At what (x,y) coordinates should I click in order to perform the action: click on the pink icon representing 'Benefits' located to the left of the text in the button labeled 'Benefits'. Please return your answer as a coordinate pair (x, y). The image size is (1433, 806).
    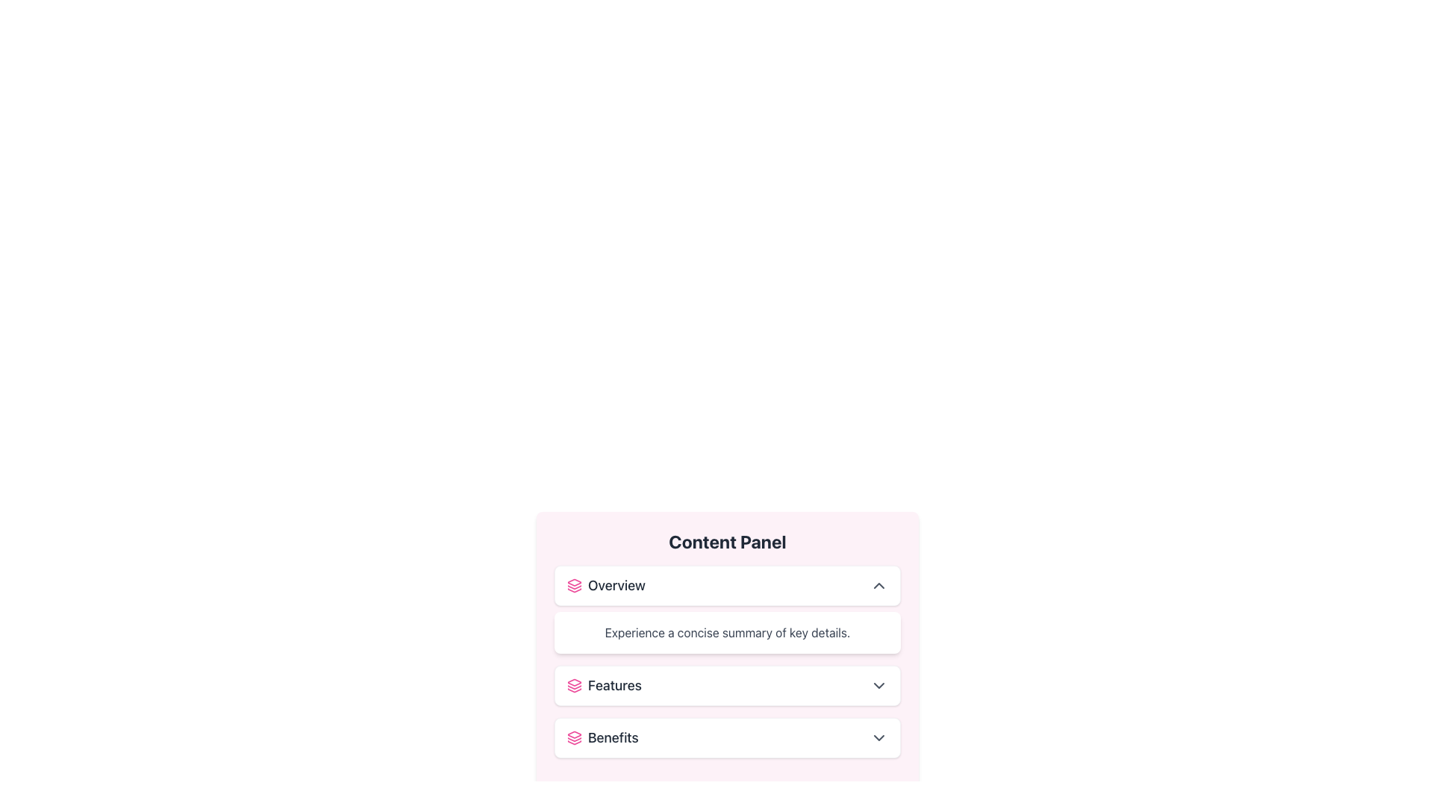
    Looking at the image, I should click on (573, 737).